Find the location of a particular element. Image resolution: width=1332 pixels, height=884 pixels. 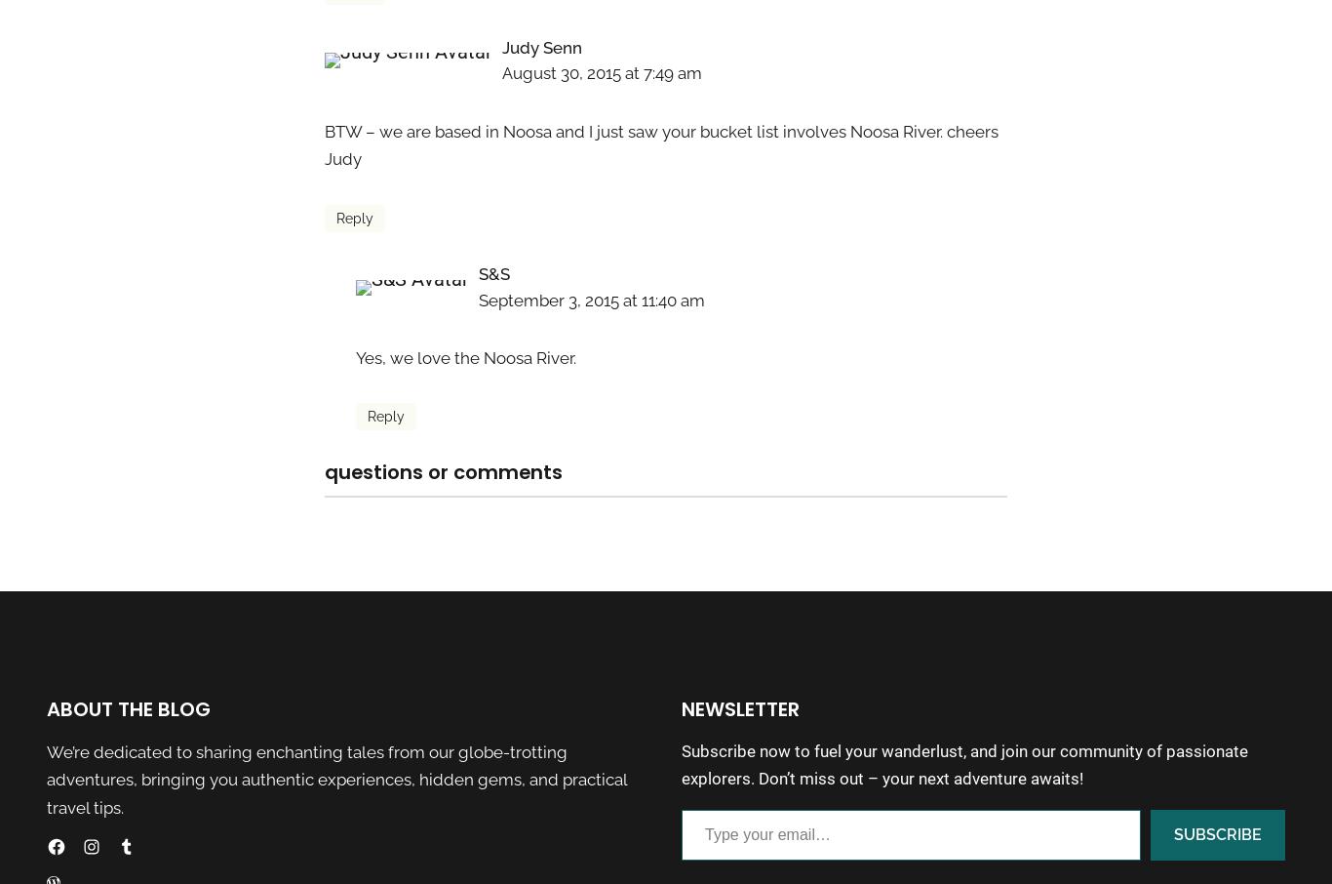

'BTW – we are based in Noosa and I just saw your bucket list involves Noosa River.  cheers  Judy' is located at coordinates (660, 144).